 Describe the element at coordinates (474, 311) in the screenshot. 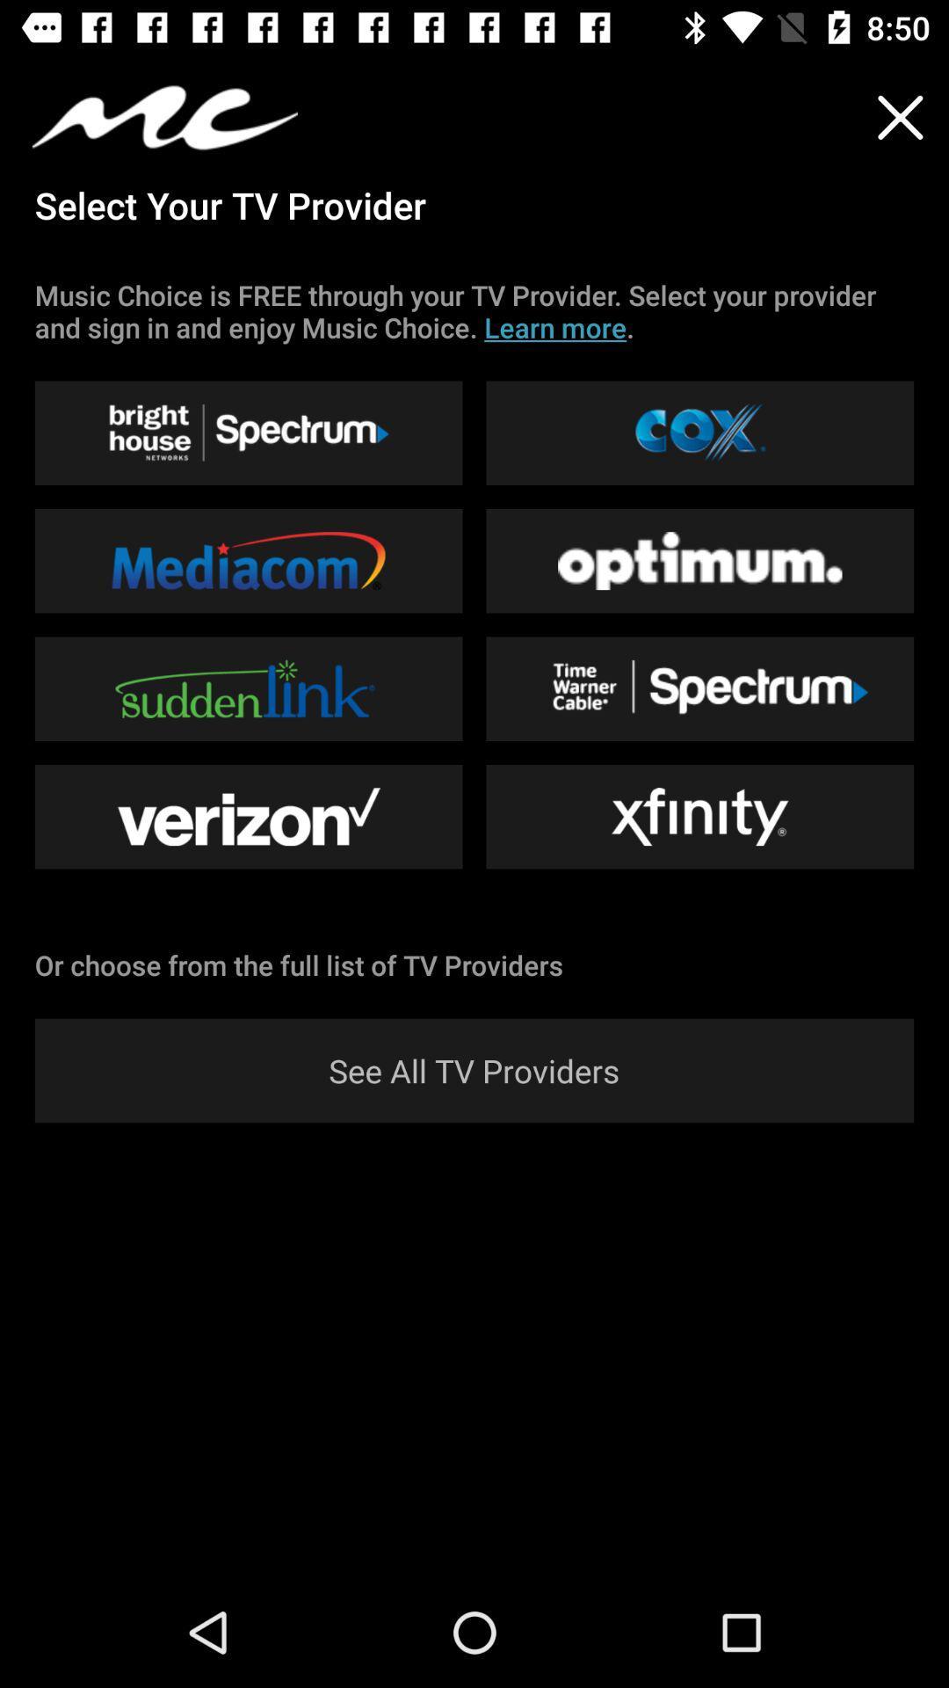

I see `music choice is item` at that location.